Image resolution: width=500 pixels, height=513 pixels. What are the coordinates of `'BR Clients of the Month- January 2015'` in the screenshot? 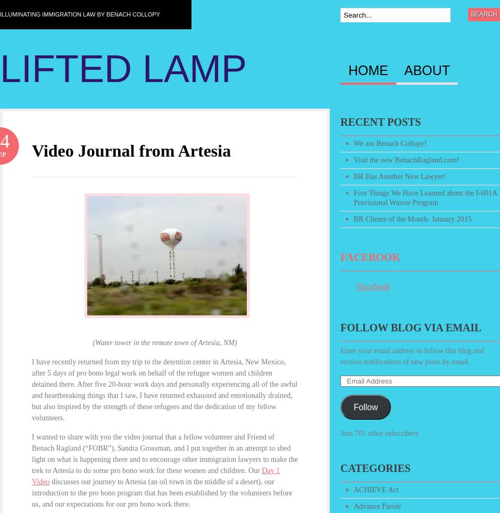 It's located at (412, 219).